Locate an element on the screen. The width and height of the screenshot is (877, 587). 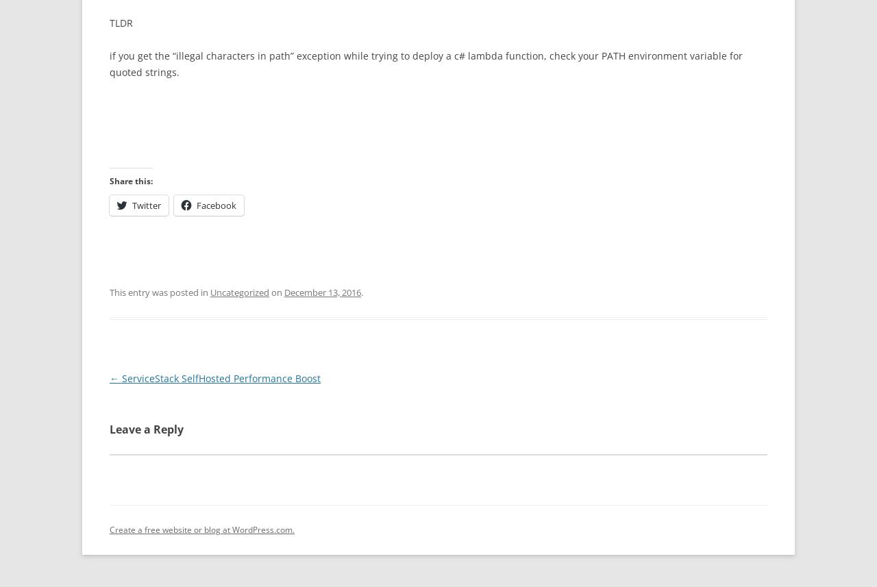
'Leave a Reply' is located at coordinates (147, 429).